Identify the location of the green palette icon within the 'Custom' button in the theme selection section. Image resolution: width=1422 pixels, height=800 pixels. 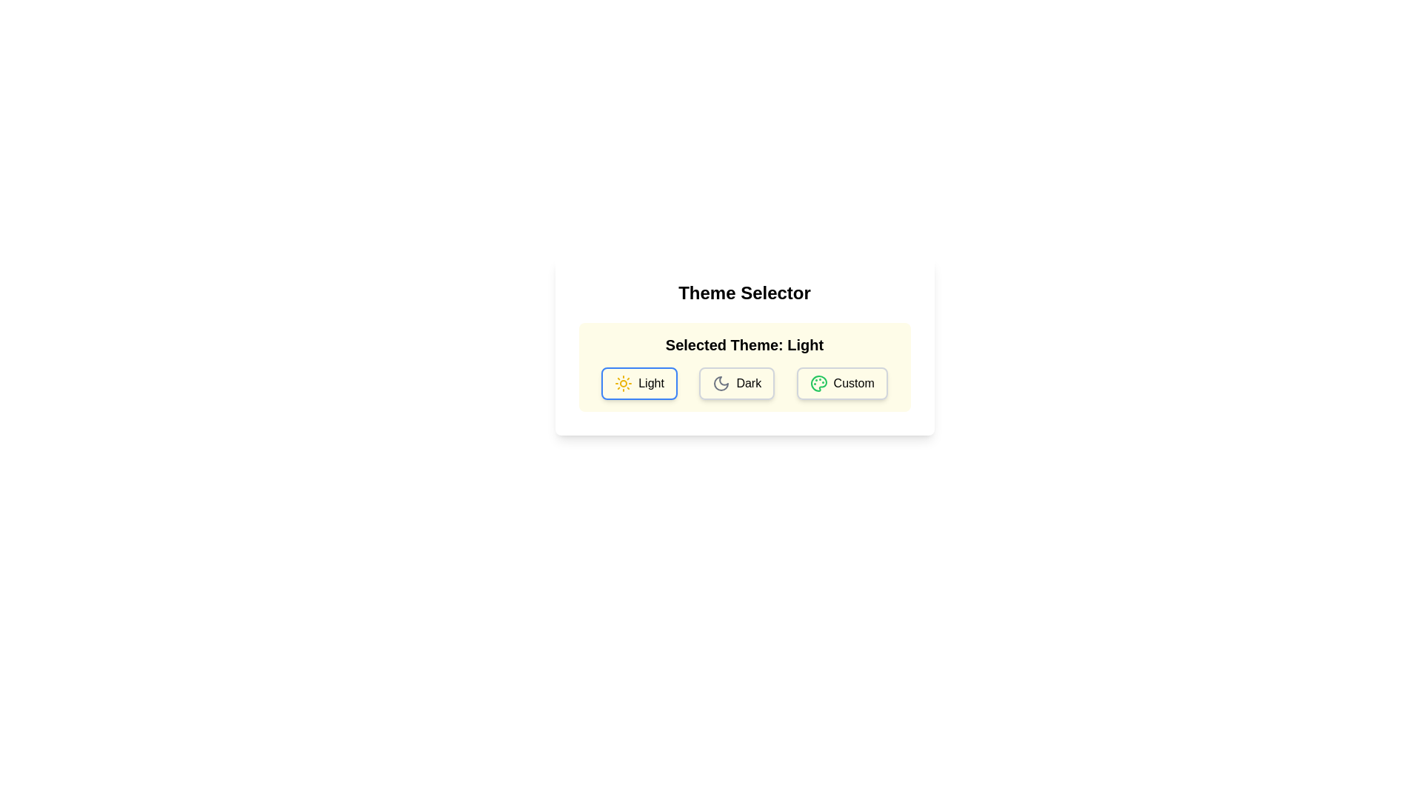
(818, 382).